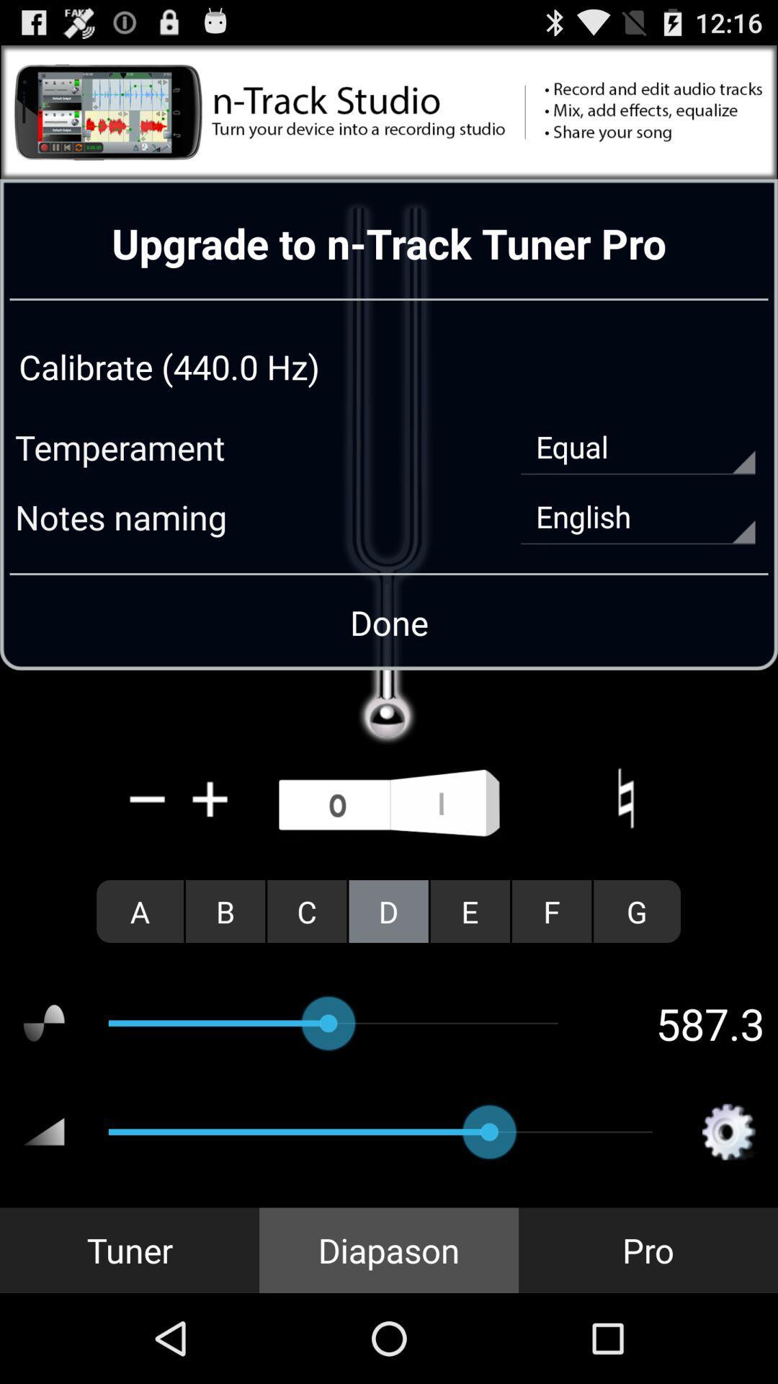 This screenshot has width=778, height=1384. What do you see at coordinates (551, 910) in the screenshot?
I see `the f radio button` at bounding box center [551, 910].